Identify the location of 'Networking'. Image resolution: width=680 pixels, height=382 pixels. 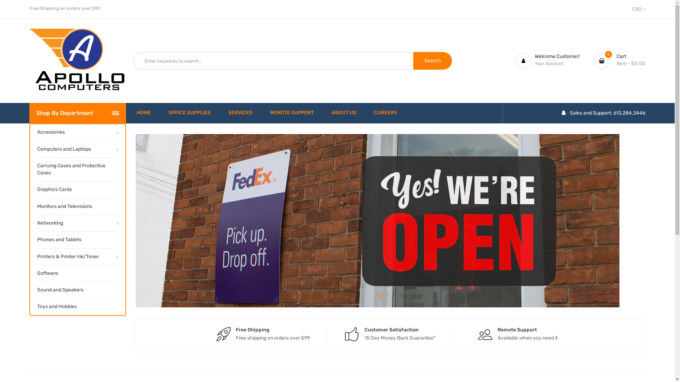
(77, 223).